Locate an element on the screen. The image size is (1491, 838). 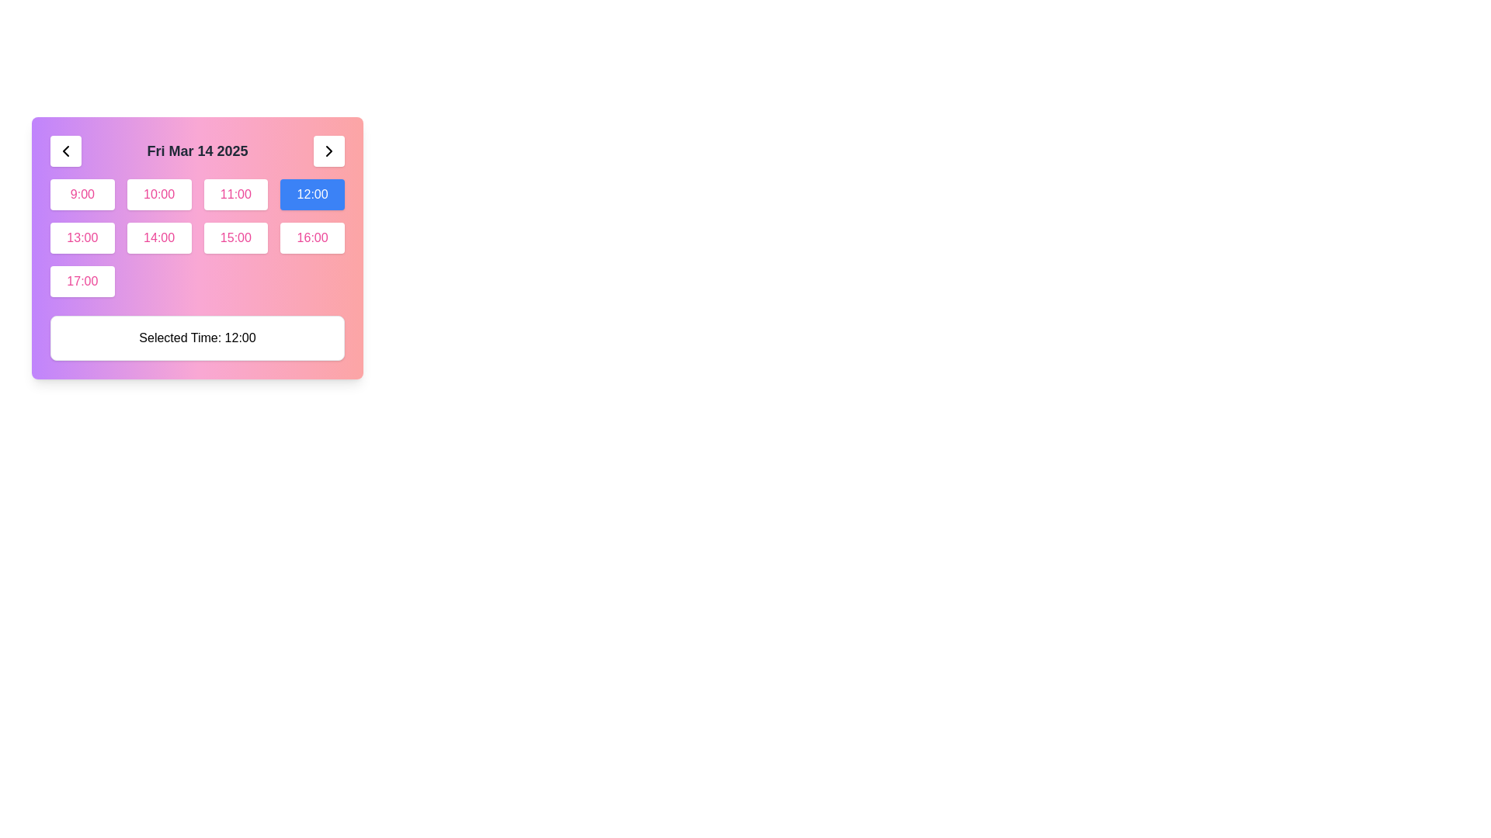
the button displaying '15:00' in pink, located in the second row and third column of the time options grid is located at coordinates (235, 238).